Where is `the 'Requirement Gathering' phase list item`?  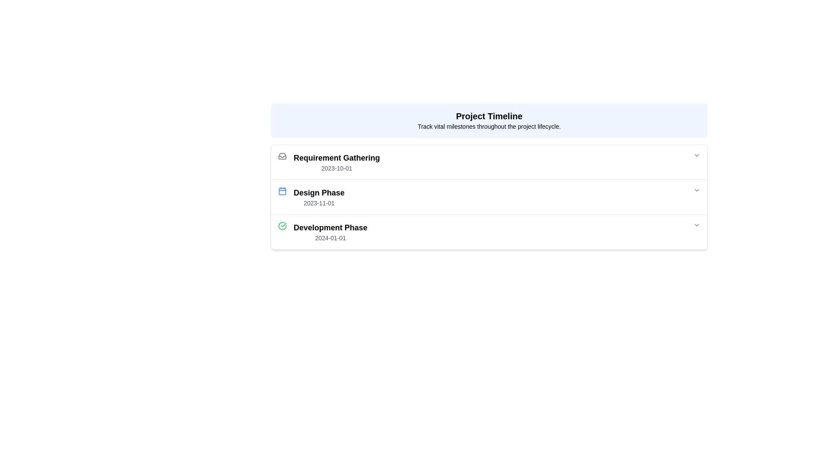
the 'Requirement Gathering' phase list item is located at coordinates (489, 162).